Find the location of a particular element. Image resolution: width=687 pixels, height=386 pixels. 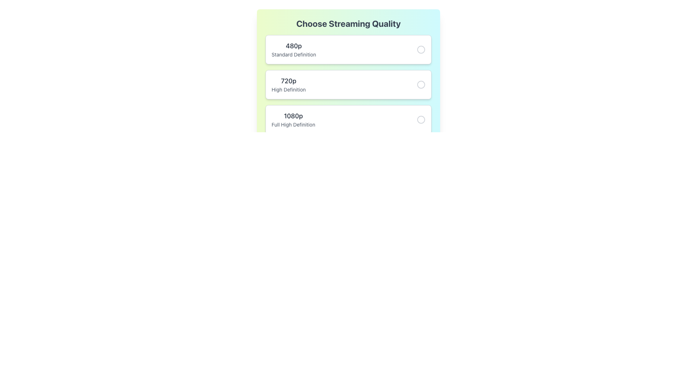

the circular radio button indicator for the '720p' streaming quality option is located at coordinates (421, 84).